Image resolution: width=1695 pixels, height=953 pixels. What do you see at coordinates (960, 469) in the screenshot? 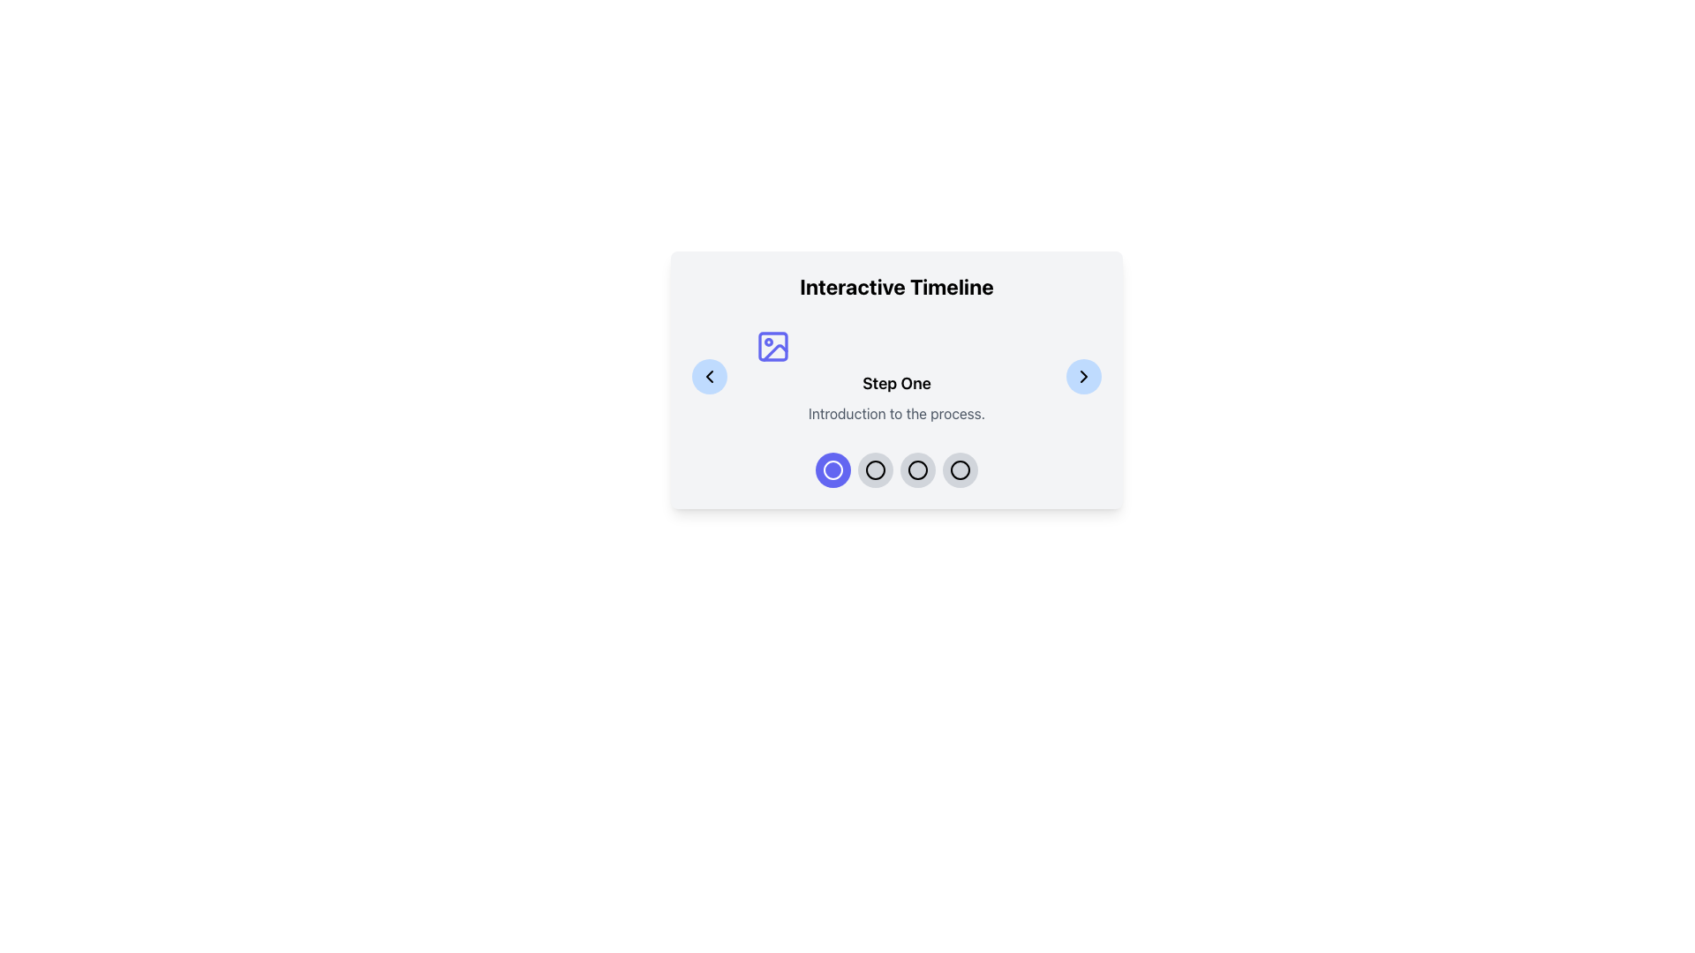
I see `the rightmost circular icon with a black outline and transparent inner background, located within a light-gray button at the bottom of the interactive timeline card` at bounding box center [960, 469].